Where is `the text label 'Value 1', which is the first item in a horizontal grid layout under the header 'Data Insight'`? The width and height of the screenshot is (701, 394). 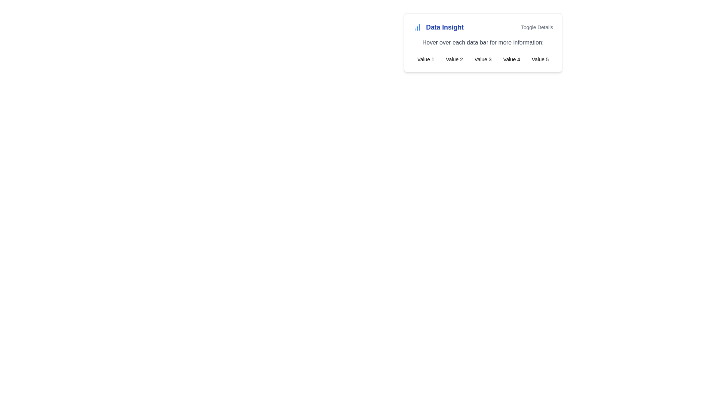
the text label 'Value 1', which is the first item in a horizontal grid layout under the header 'Data Insight' is located at coordinates (426, 57).